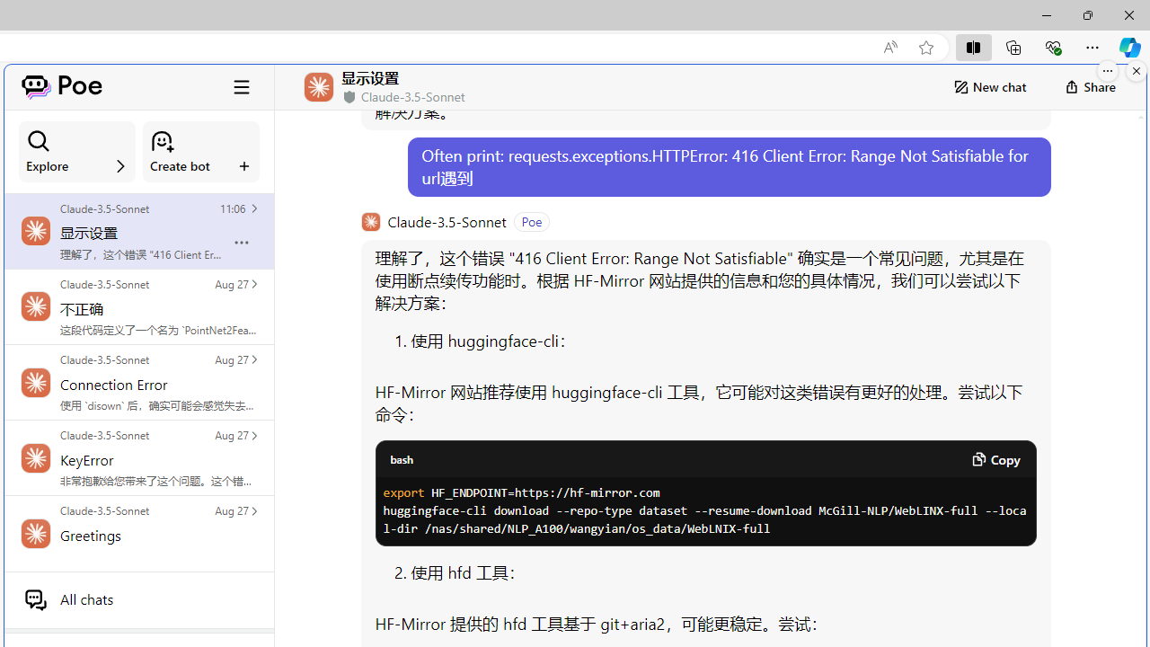 The width and height of the screenshot is (1150, 647). What do you see at coordinates (1052, 46) in the screenshot?
I see `'Browser essentials'` at bounding box center [1052, 46].